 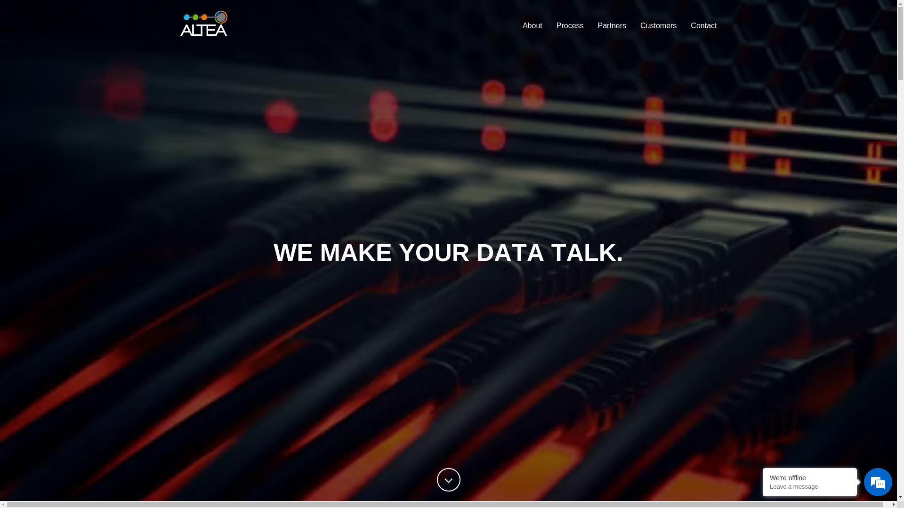 What do you see at coordinates (612, 25) in the screenshot?
I see `'Partners'` at bounding box center [612, 25].